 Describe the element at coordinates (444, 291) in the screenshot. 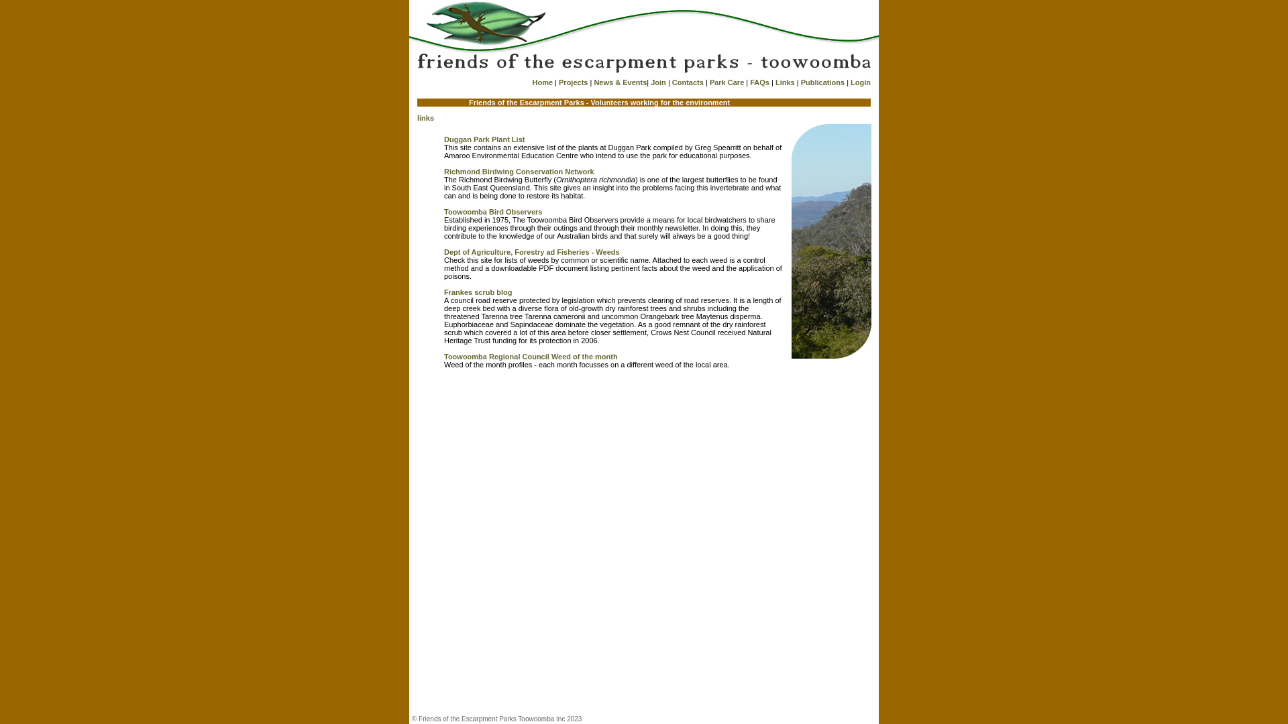

I see `'Frankes scrub blog'` at that location.